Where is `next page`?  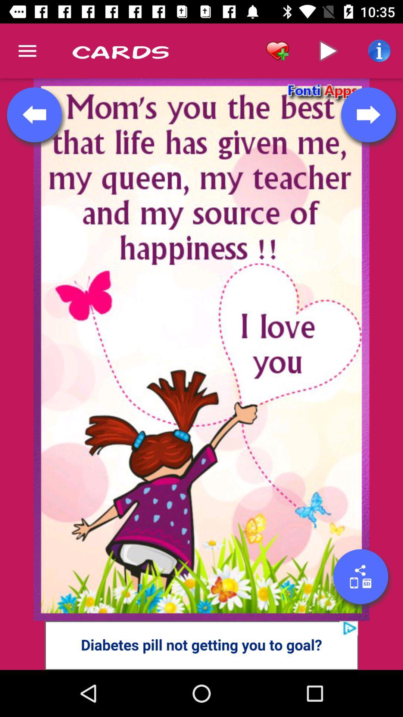
next page is located at coordinates (368, 114).